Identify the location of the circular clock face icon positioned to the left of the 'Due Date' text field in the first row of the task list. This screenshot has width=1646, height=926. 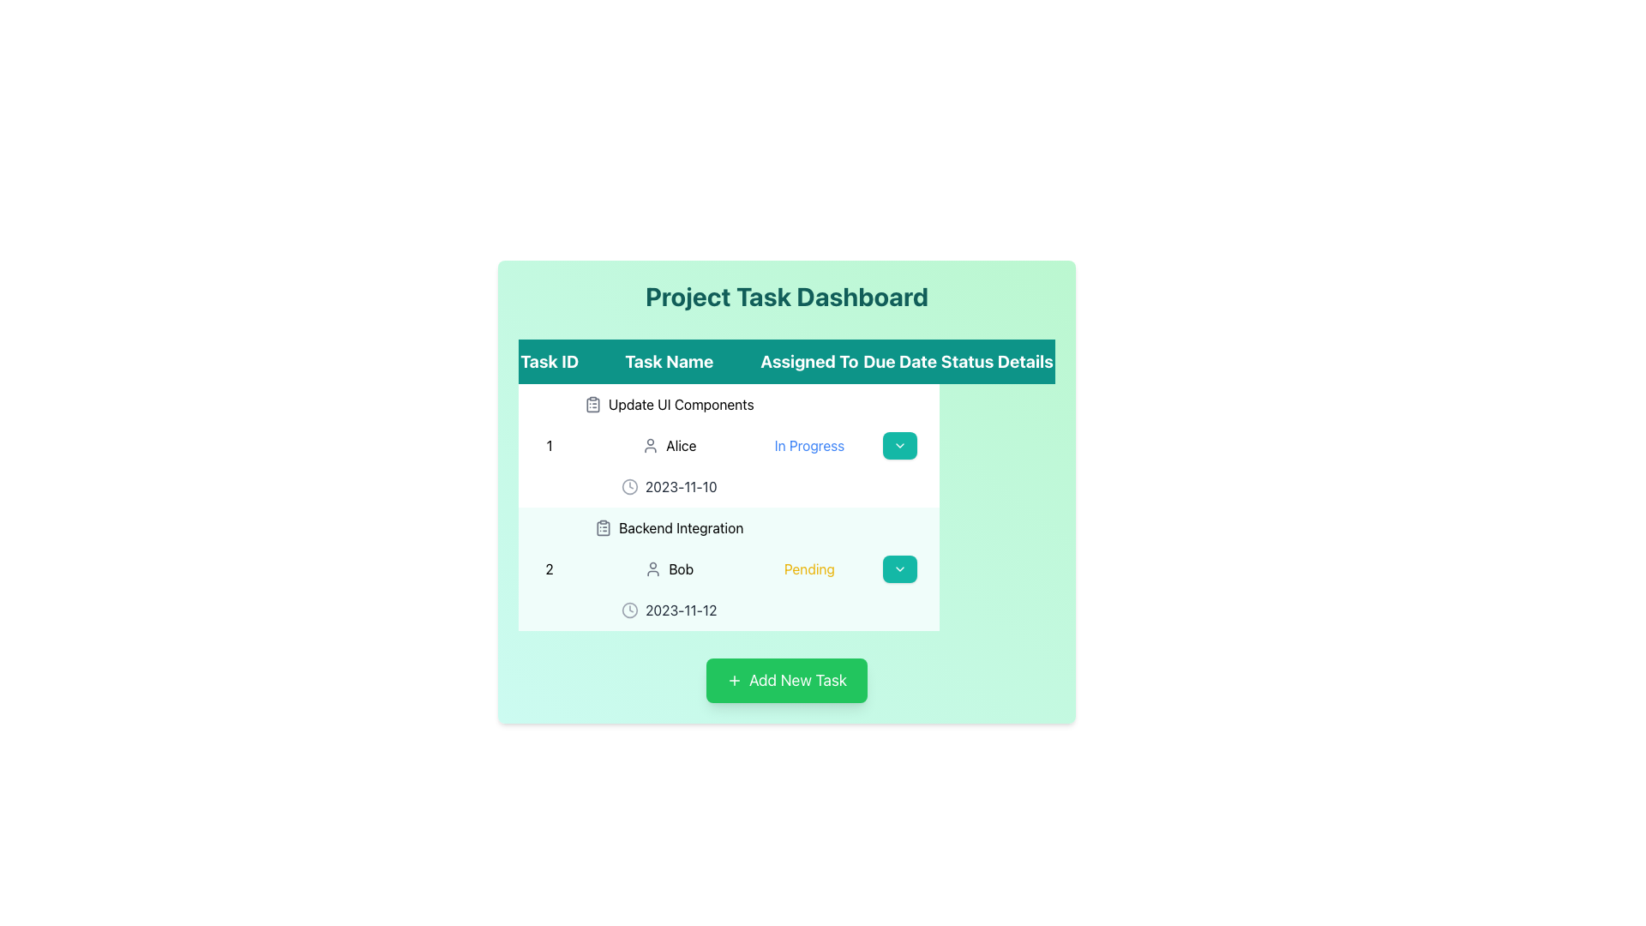
(628, 486).